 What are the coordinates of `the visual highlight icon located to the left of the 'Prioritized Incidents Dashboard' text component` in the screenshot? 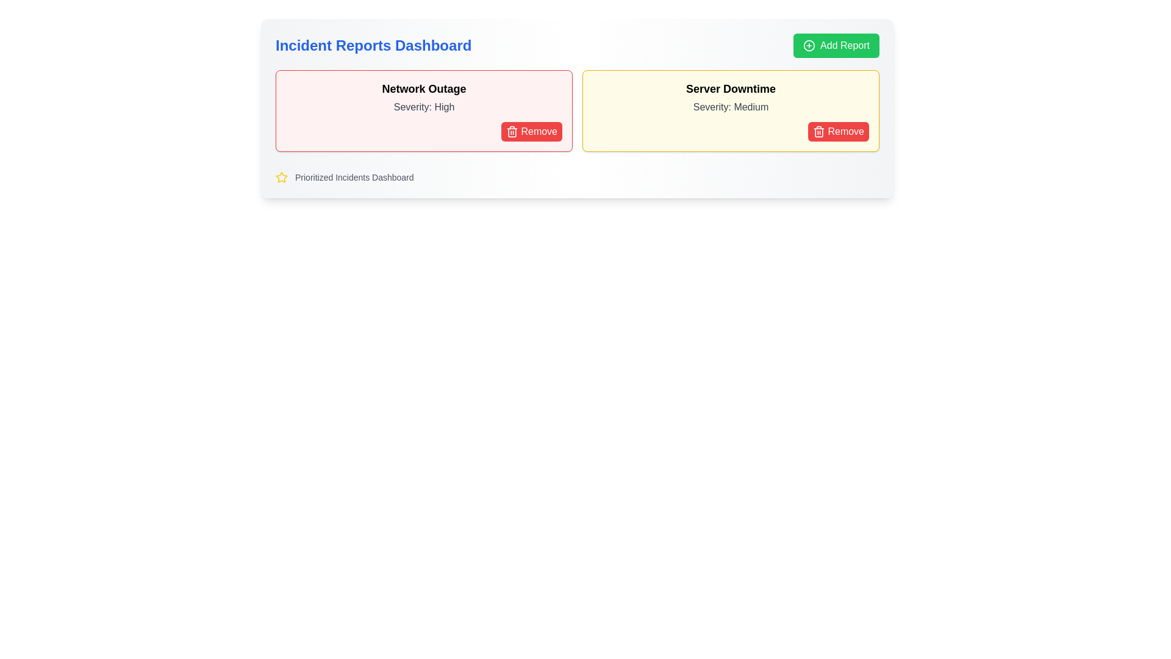 It's located at (281, 177).